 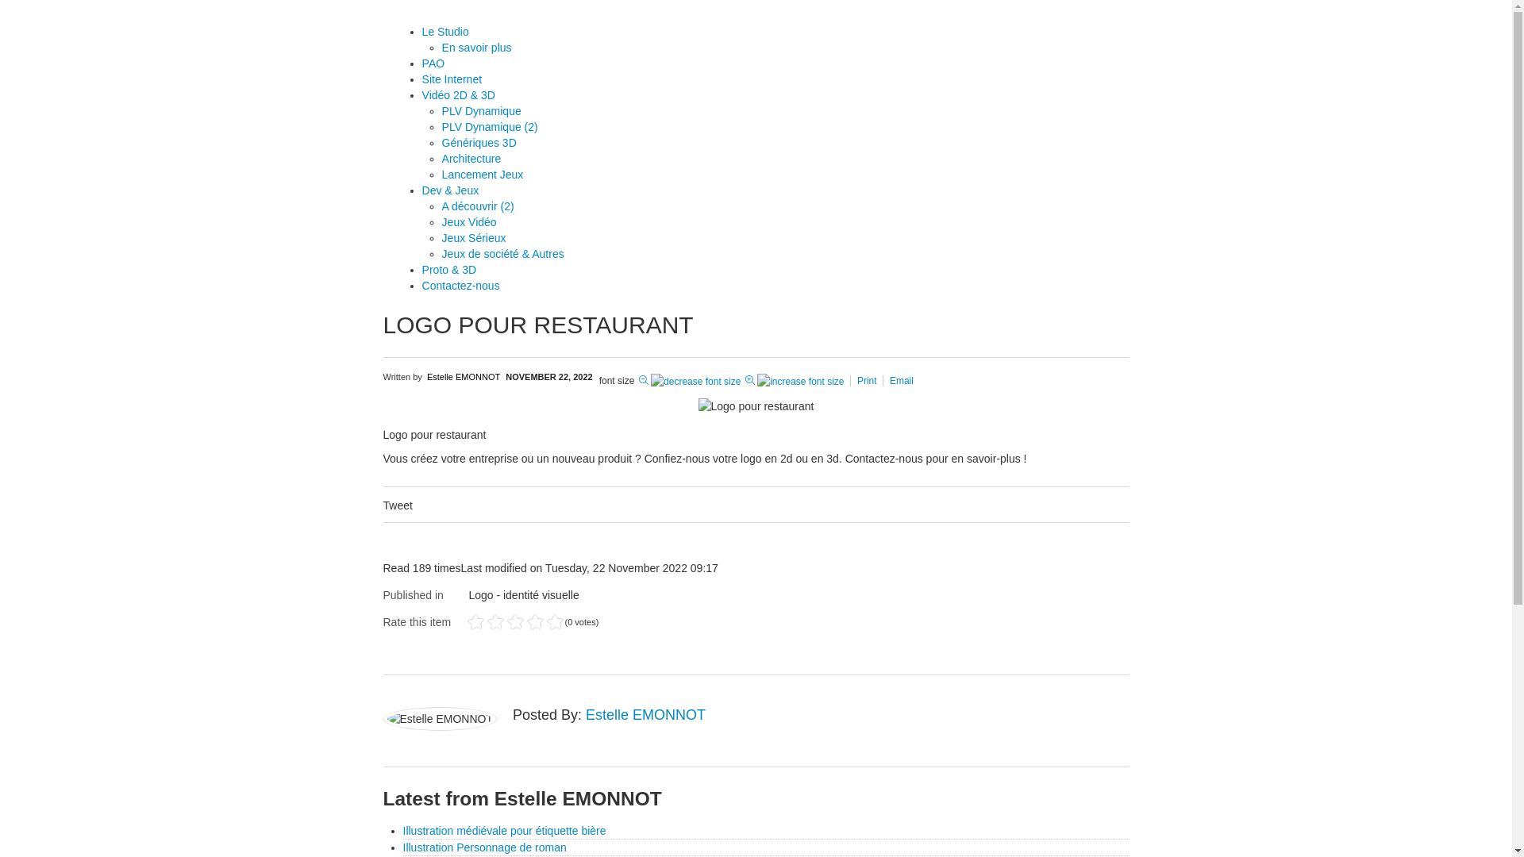 What do you see at coordinates (902, 380) in the screenshot?
I see `'Email'` at bounding box center [902, 380].